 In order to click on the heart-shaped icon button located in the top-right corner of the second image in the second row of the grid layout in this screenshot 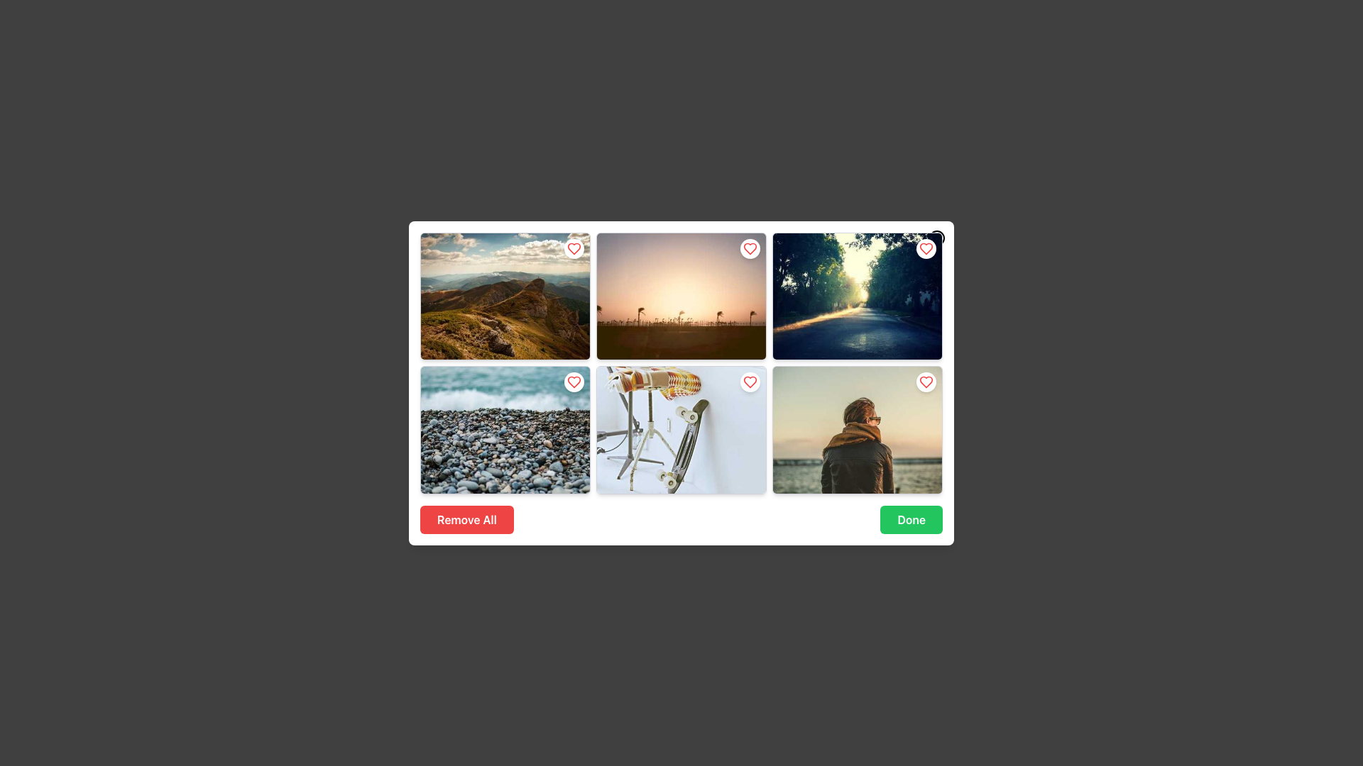, I will do `click(749, 248)`.